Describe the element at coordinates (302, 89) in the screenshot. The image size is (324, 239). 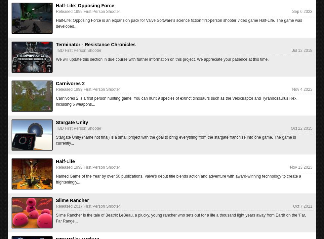
I see `'Nov 4 2023'` at that location.